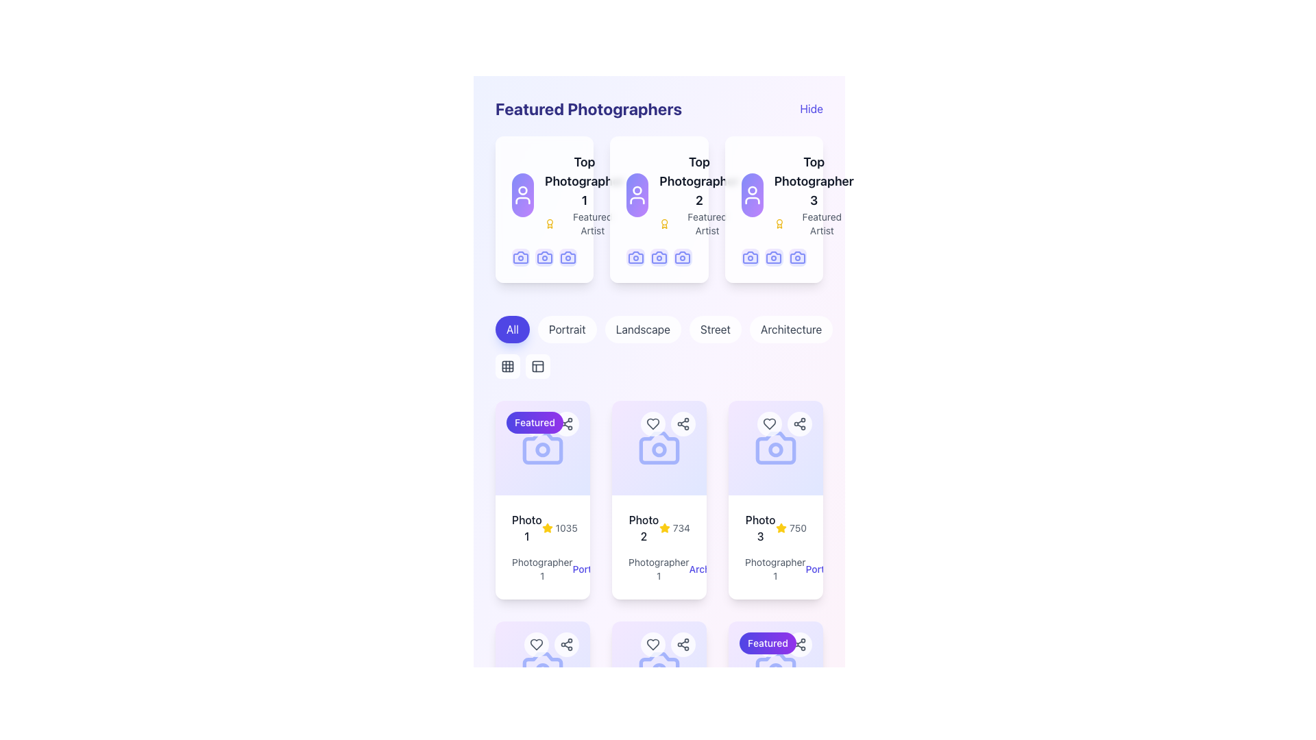  Describe the element at coordinates (559, 528) in the screenshot. I see `the Rating display component that visually represents a score of '1035', located to the right of 'Photo 1' within the card labeled 'Photo 1'` at that location.